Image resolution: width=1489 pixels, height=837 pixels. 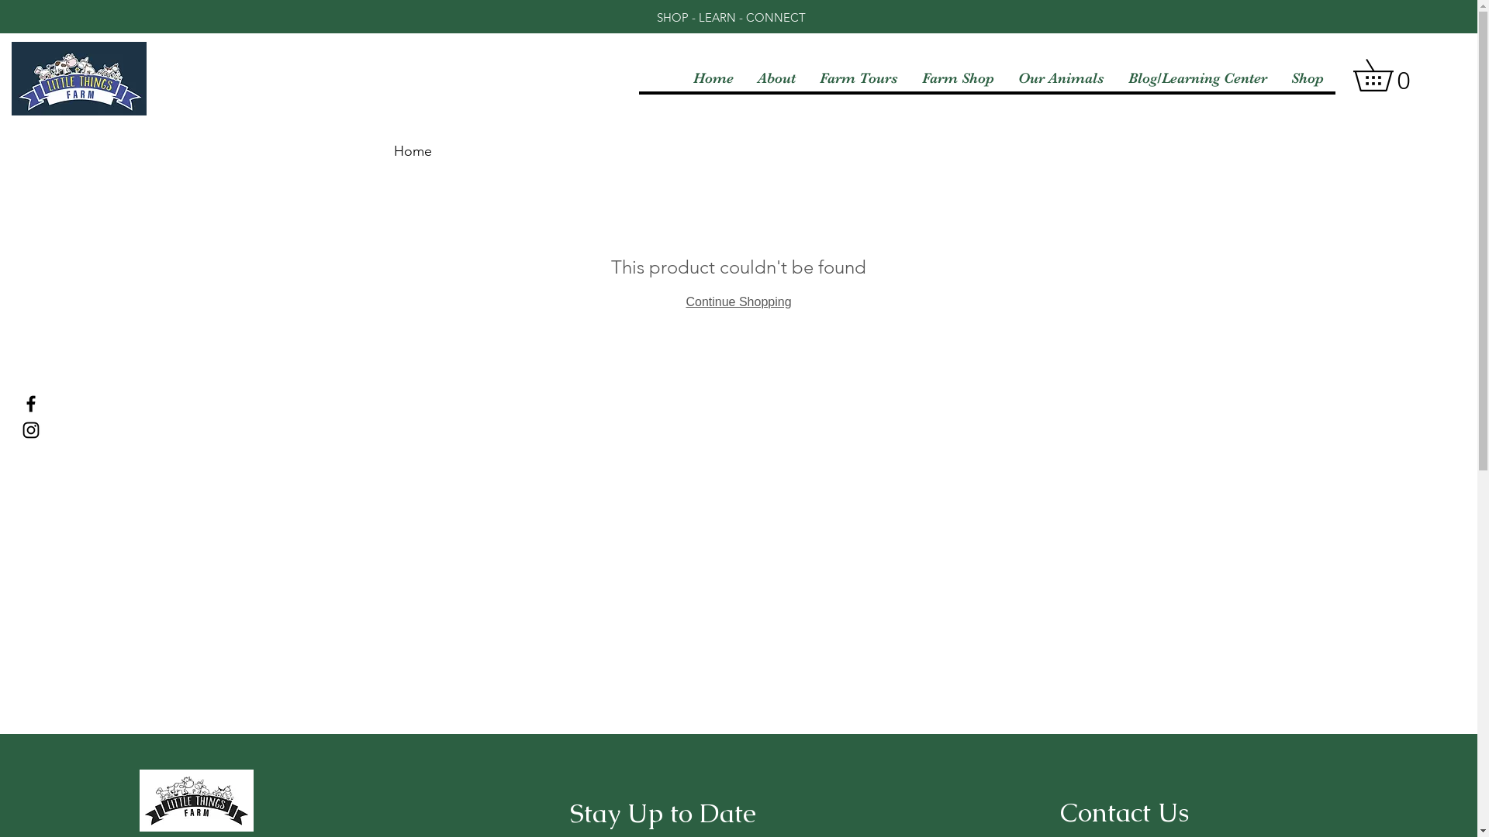 What do you see at coordinates (956, 77) in the screenshot?
I see `'Farm Shop'` at bounding box center [956, 77].